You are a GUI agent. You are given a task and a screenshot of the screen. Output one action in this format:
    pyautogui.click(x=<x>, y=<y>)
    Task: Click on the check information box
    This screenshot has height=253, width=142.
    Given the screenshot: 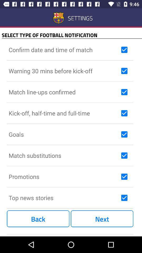 What is the action you would take?
    pyautogui.click(x=124, y=134)
    